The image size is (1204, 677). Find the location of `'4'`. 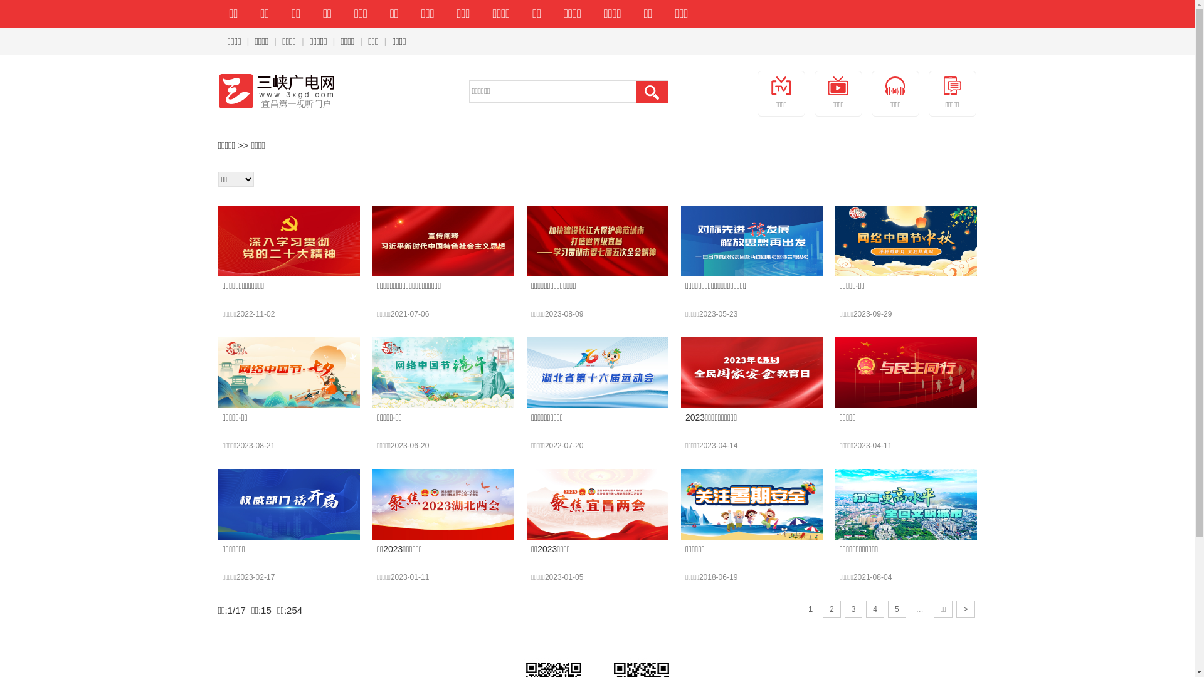

'4' is located at coordinates (874, 609).